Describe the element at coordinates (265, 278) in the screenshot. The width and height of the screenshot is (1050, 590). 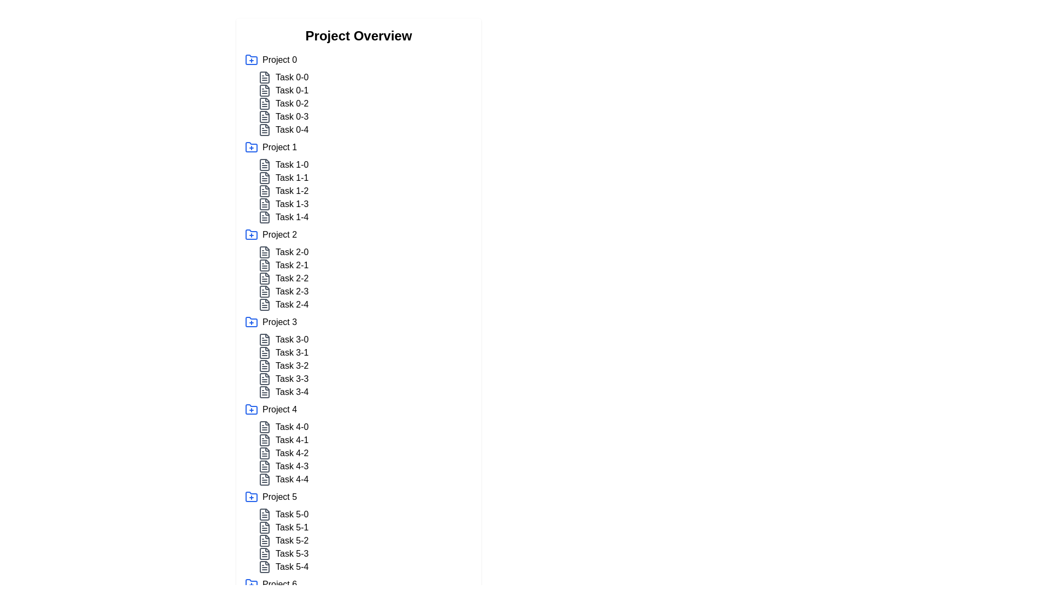
I see `the document icon with a folded corner that is located in the 'Project 2' section, adjacent to 'Task 2-2'` at that location.